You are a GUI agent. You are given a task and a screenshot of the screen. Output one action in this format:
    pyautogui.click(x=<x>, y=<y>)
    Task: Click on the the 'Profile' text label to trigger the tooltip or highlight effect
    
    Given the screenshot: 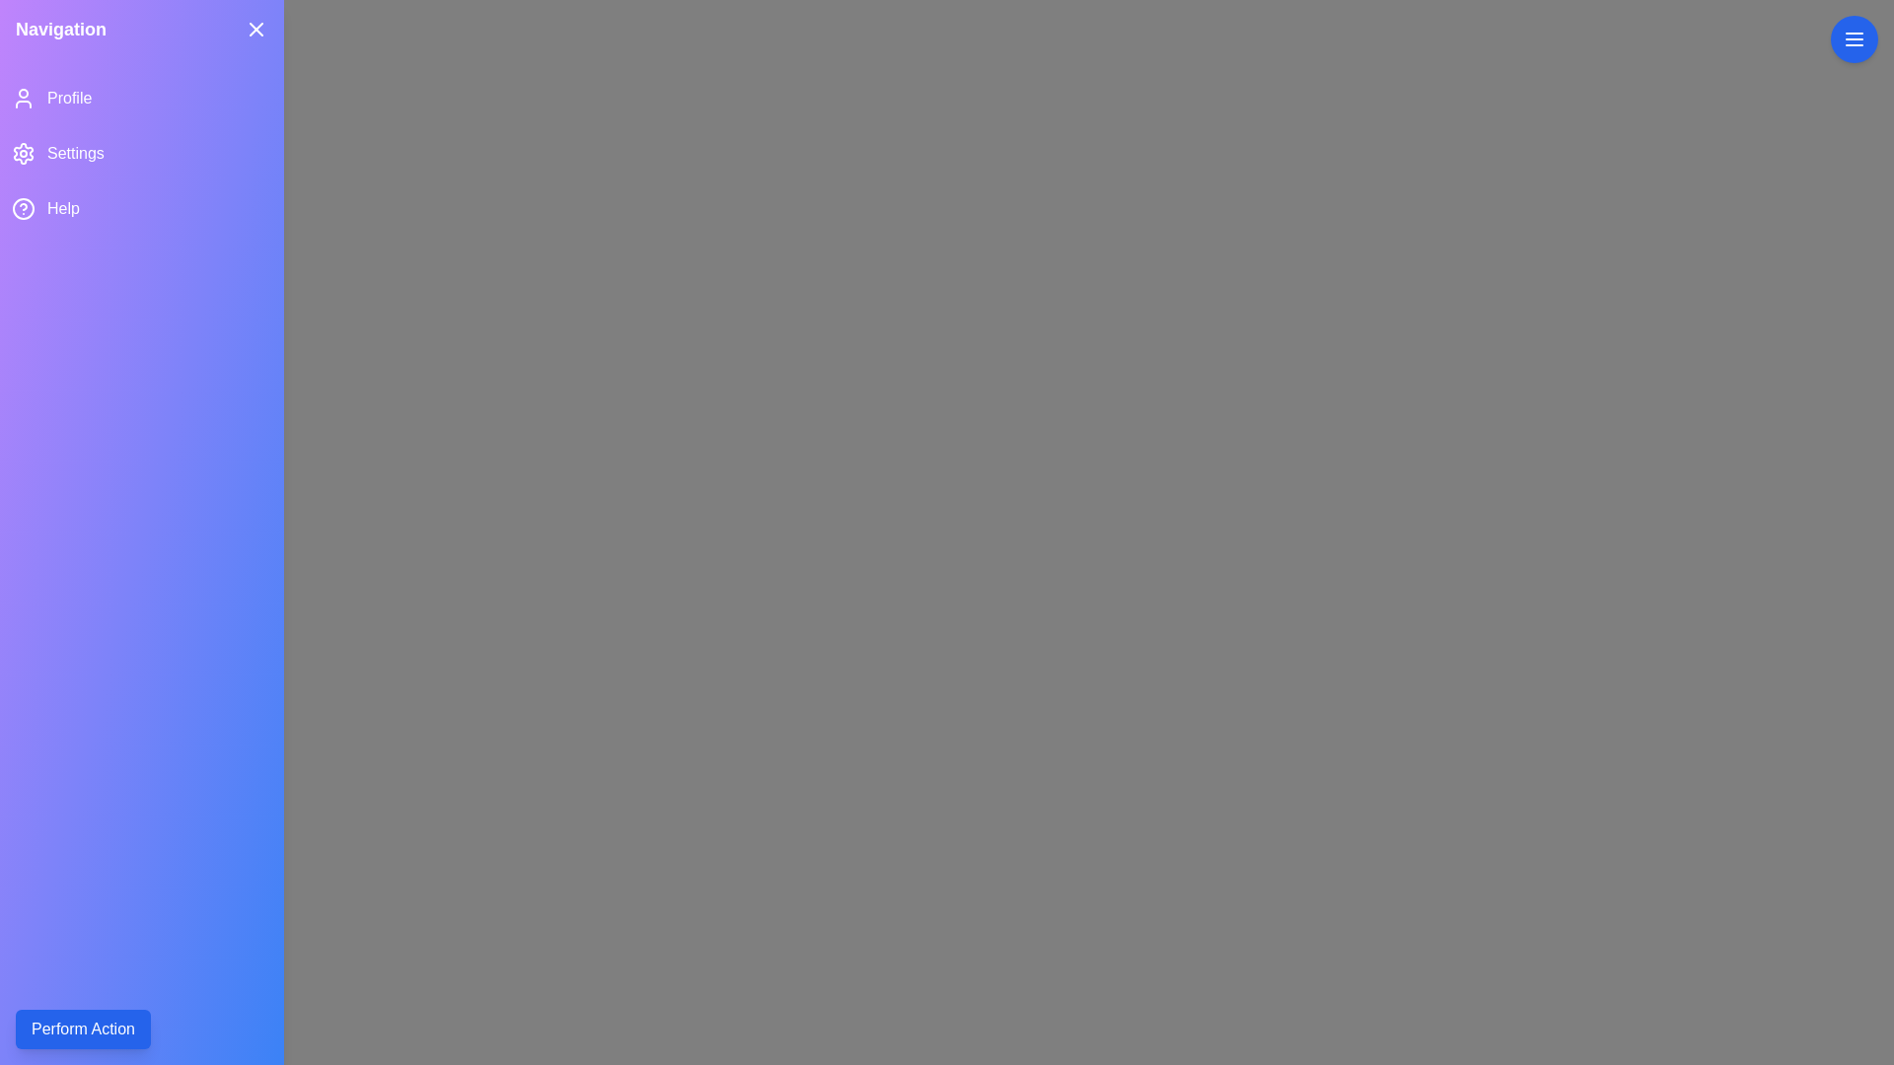 What is the action you would take?
    pyautogui.click(x=69, y=99)
    